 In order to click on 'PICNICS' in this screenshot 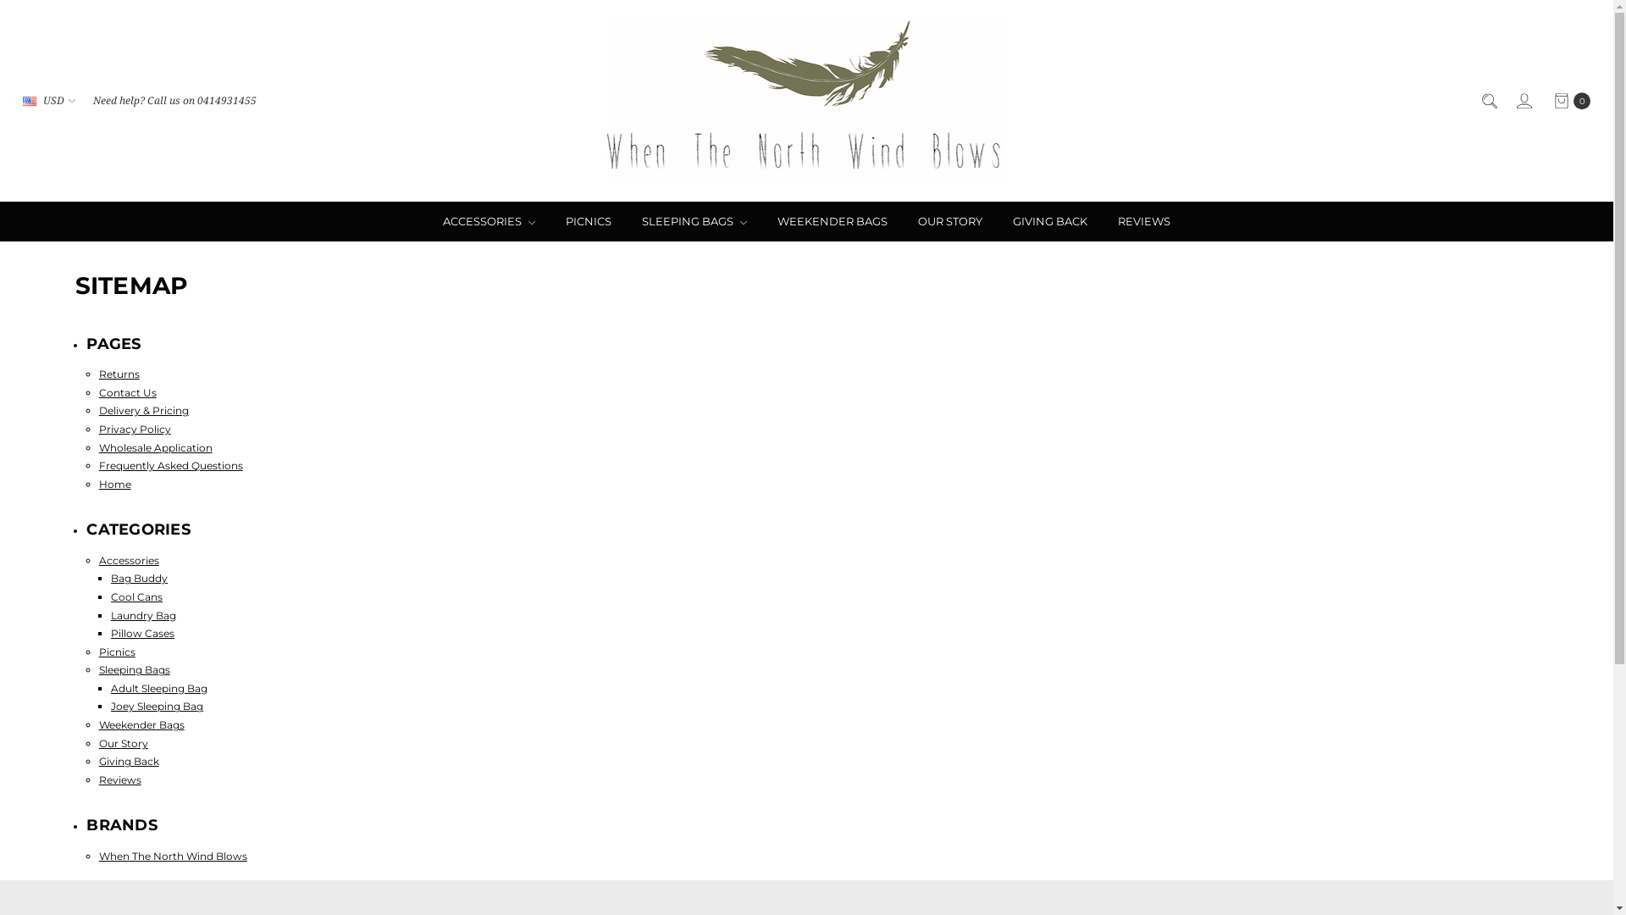, I will do `click(589, 220)`.